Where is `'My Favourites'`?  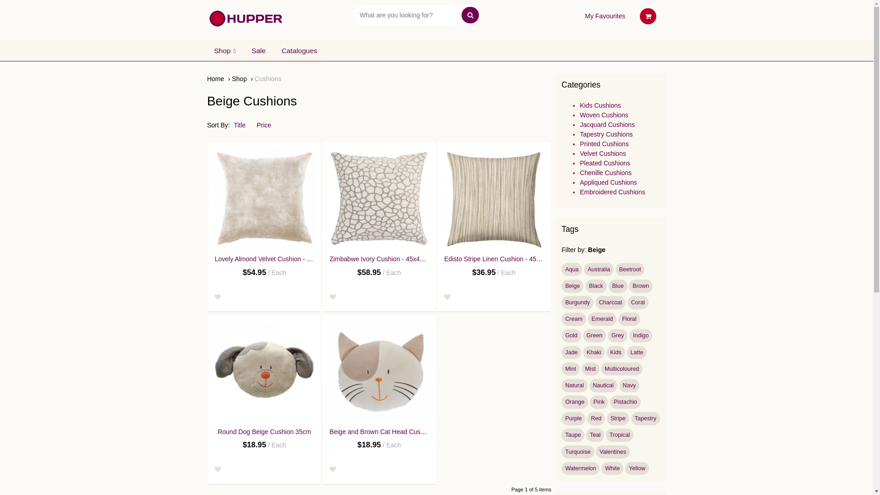
'My Favourites' is located at coordinates (584, 16).